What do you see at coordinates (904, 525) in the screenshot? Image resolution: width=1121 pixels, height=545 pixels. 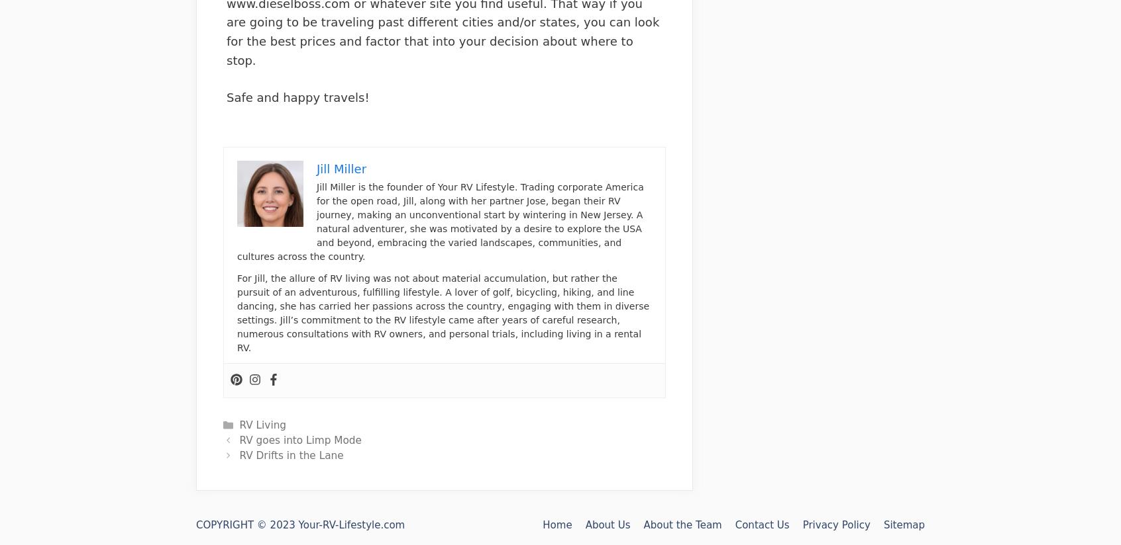 I see `'Sitemap'` at bounding box center [904, 525].